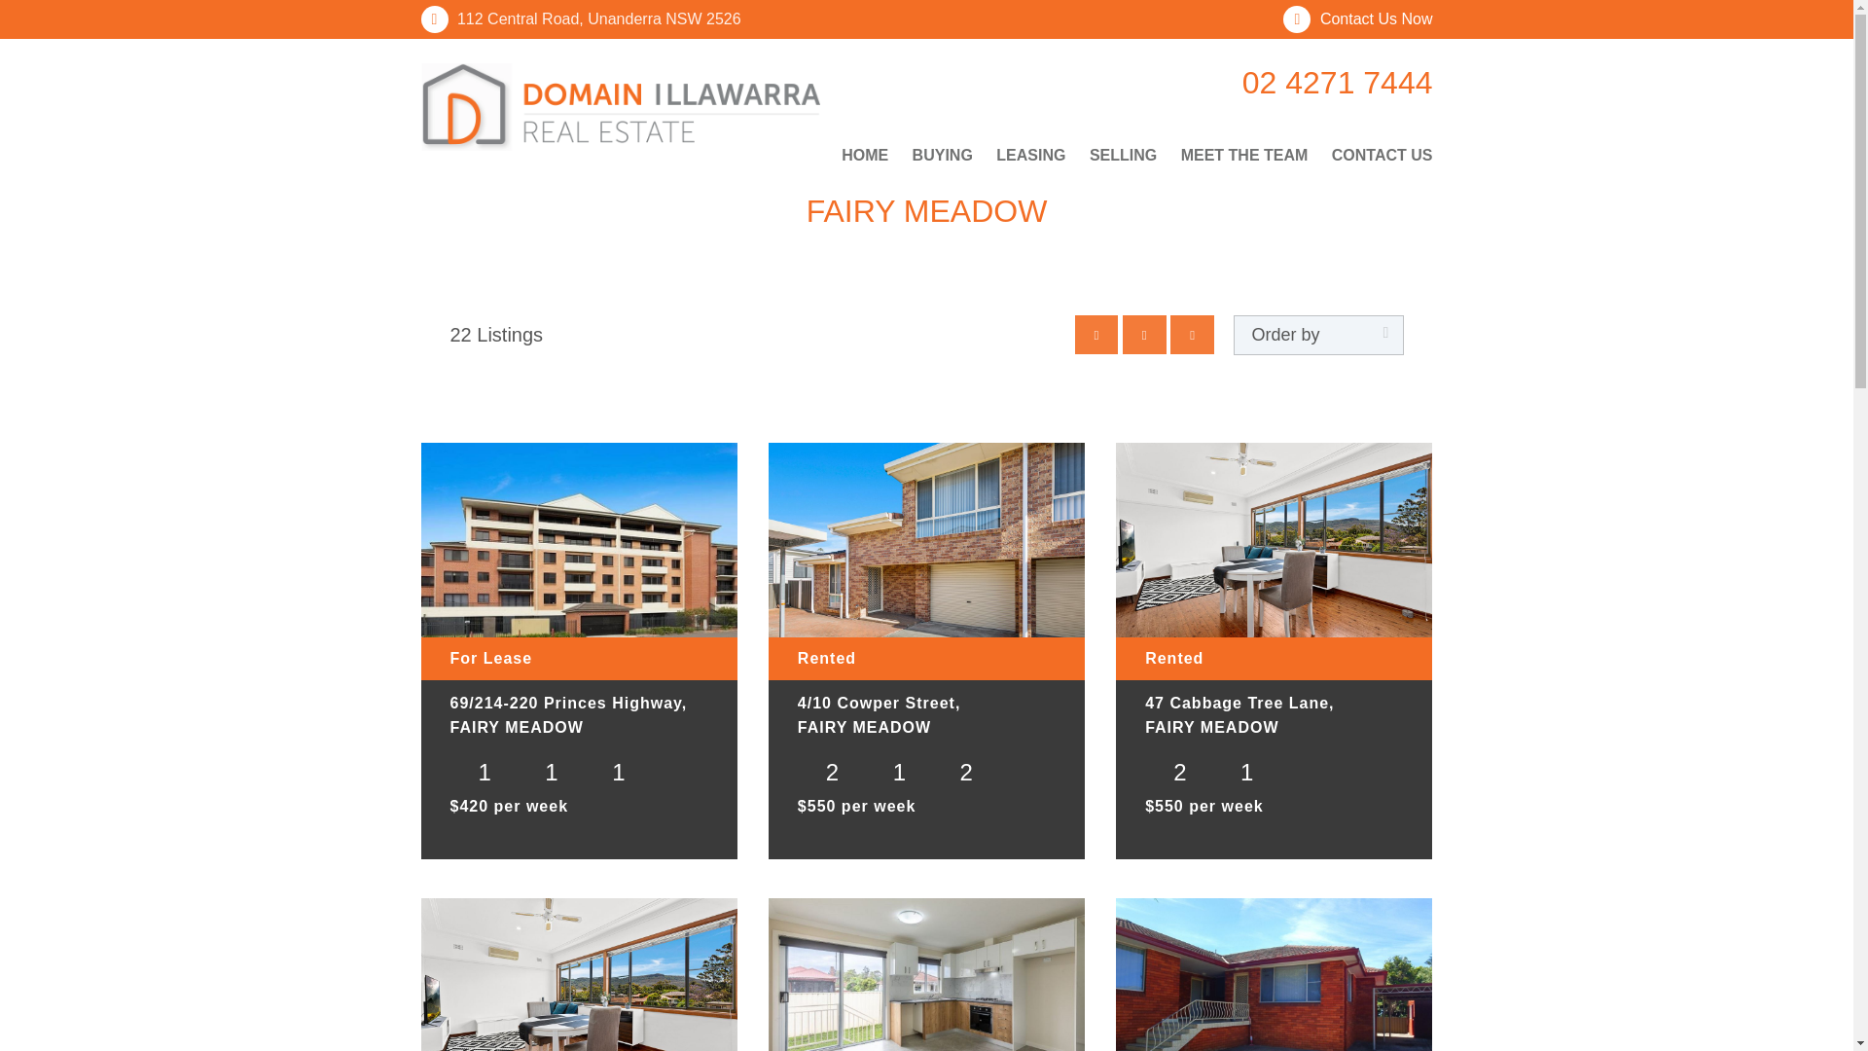 The width and height of the screenshot is (1868, 1051). I want to click on '4/10 Cowper Street,, so click(925, 718).